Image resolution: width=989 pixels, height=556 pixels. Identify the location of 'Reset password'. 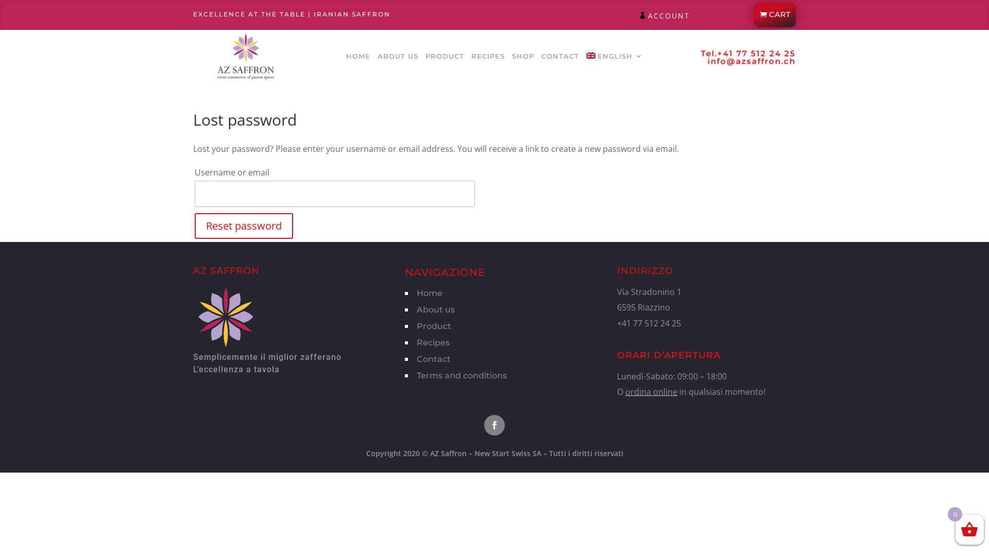
(243, 225).